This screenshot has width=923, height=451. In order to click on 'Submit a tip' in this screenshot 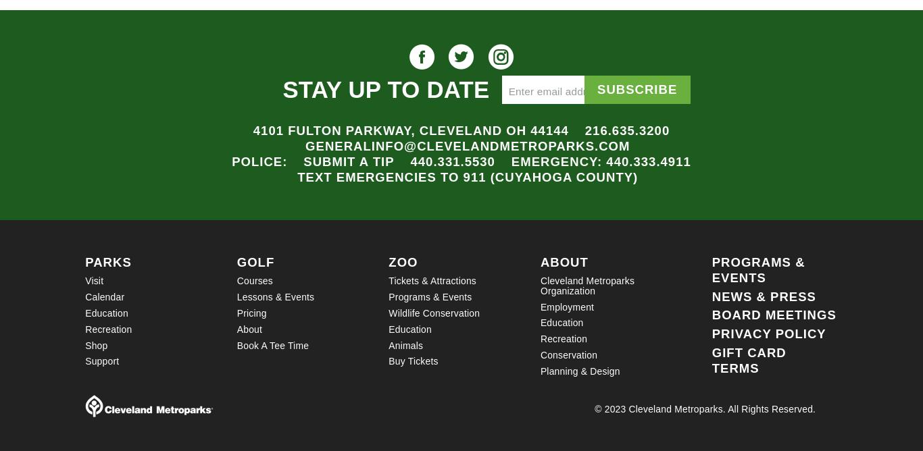, I will do `click(303, 161)`.